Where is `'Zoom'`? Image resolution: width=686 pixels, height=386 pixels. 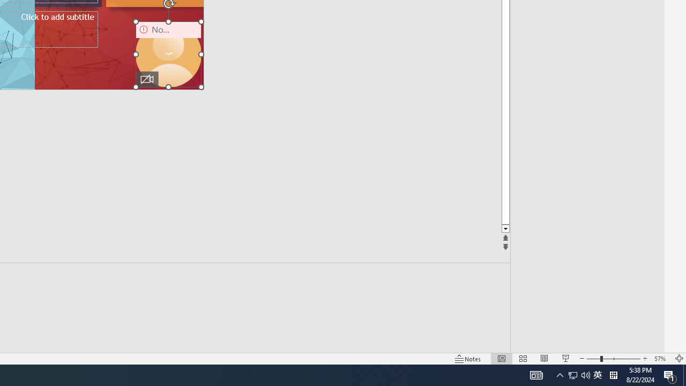
'Zoom' is located at coordinates (613, 359).